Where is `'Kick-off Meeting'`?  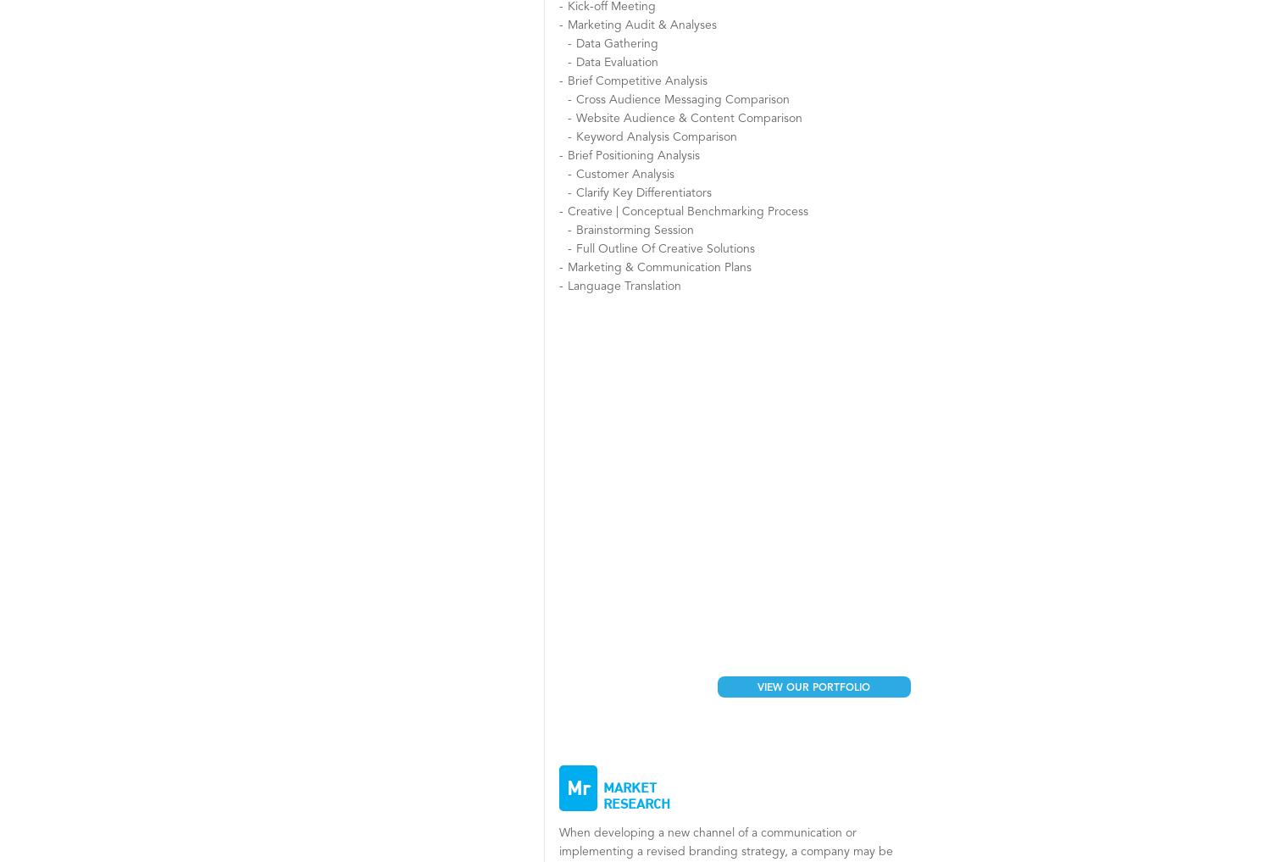 'Kick-off Meeting' is located at coordinates (610, 6).